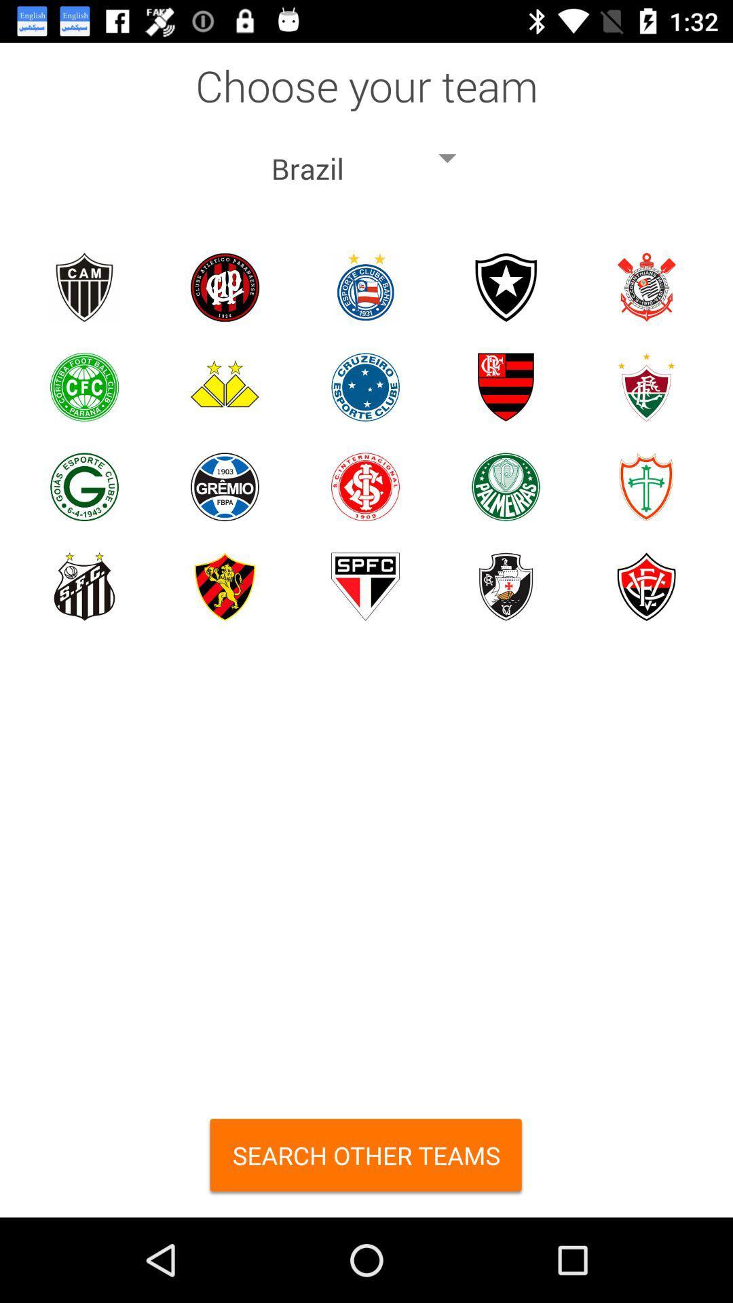  I want to click on choose portuguesa team select portuguesa team, so click(645, 487).